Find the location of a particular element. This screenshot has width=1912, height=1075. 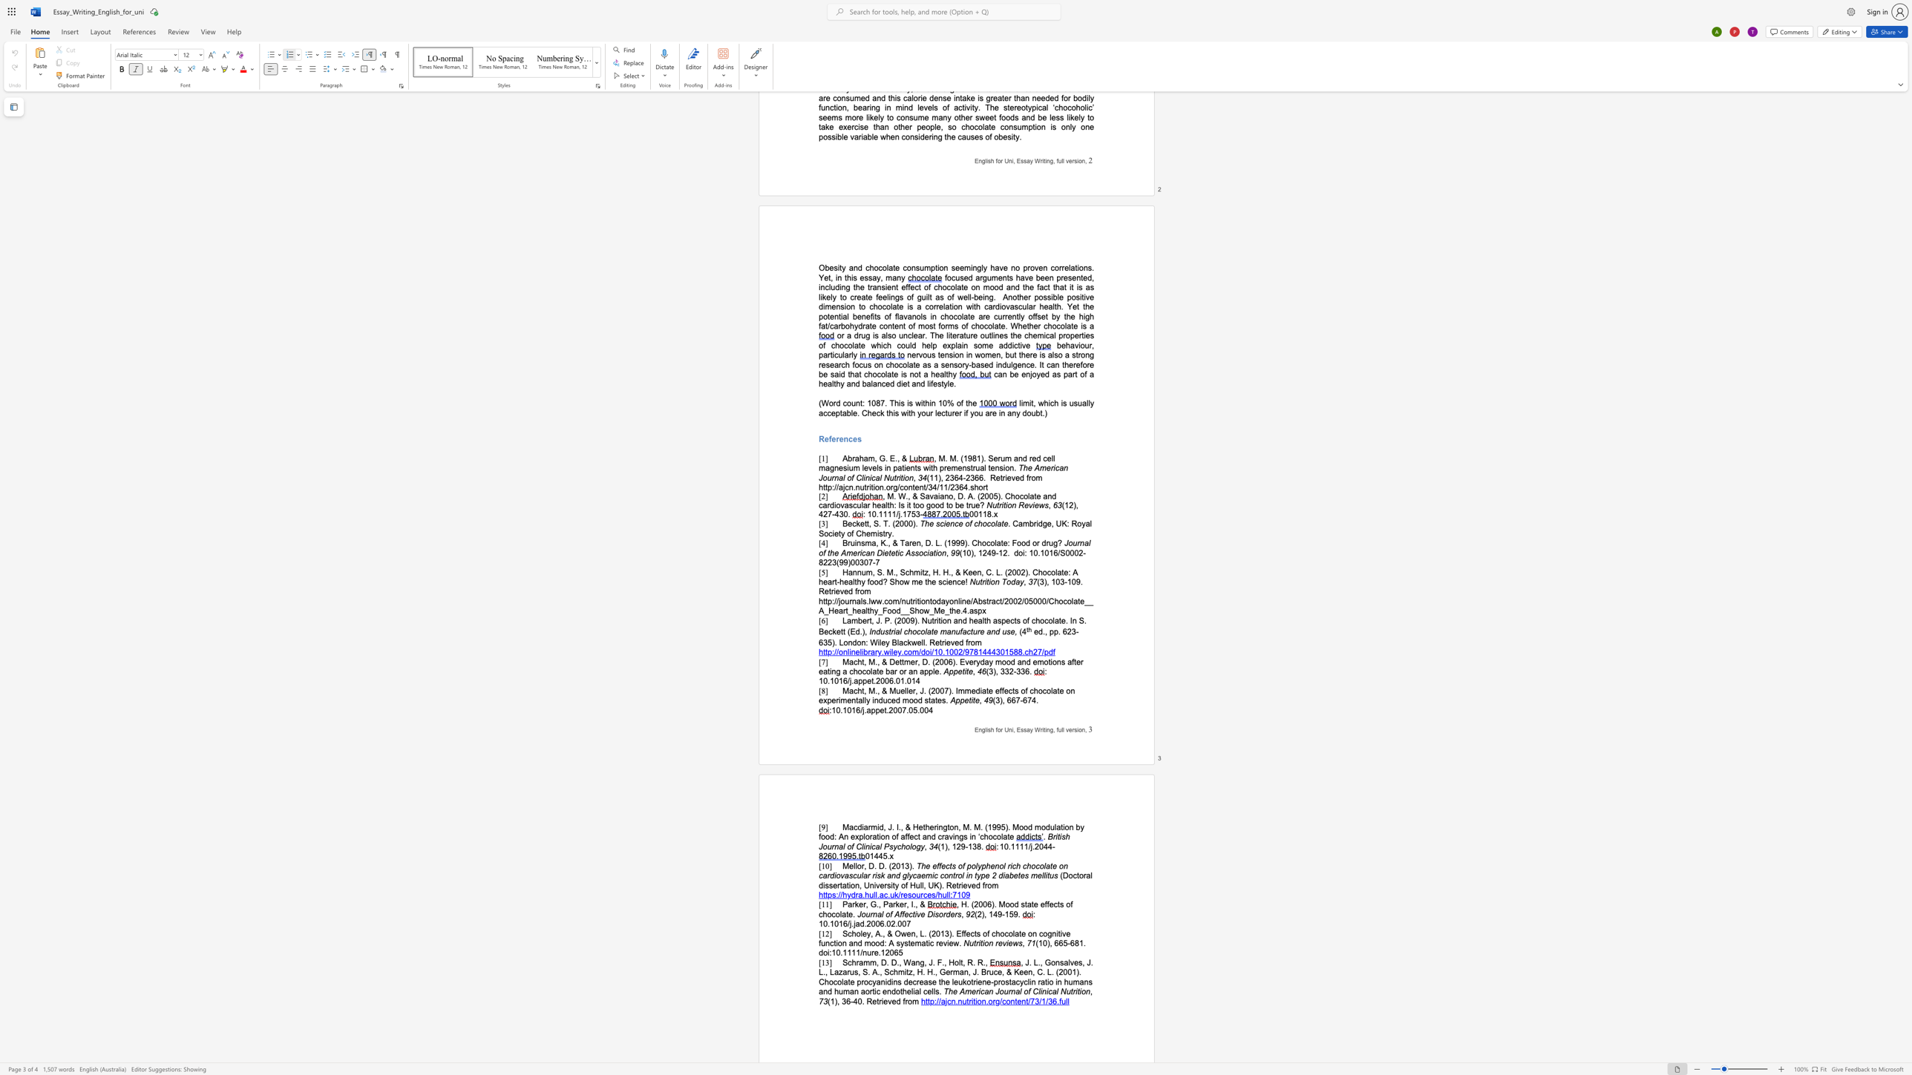

the space between the continuous character "t" and "a" in the text is located at coordinates (1011, 981).